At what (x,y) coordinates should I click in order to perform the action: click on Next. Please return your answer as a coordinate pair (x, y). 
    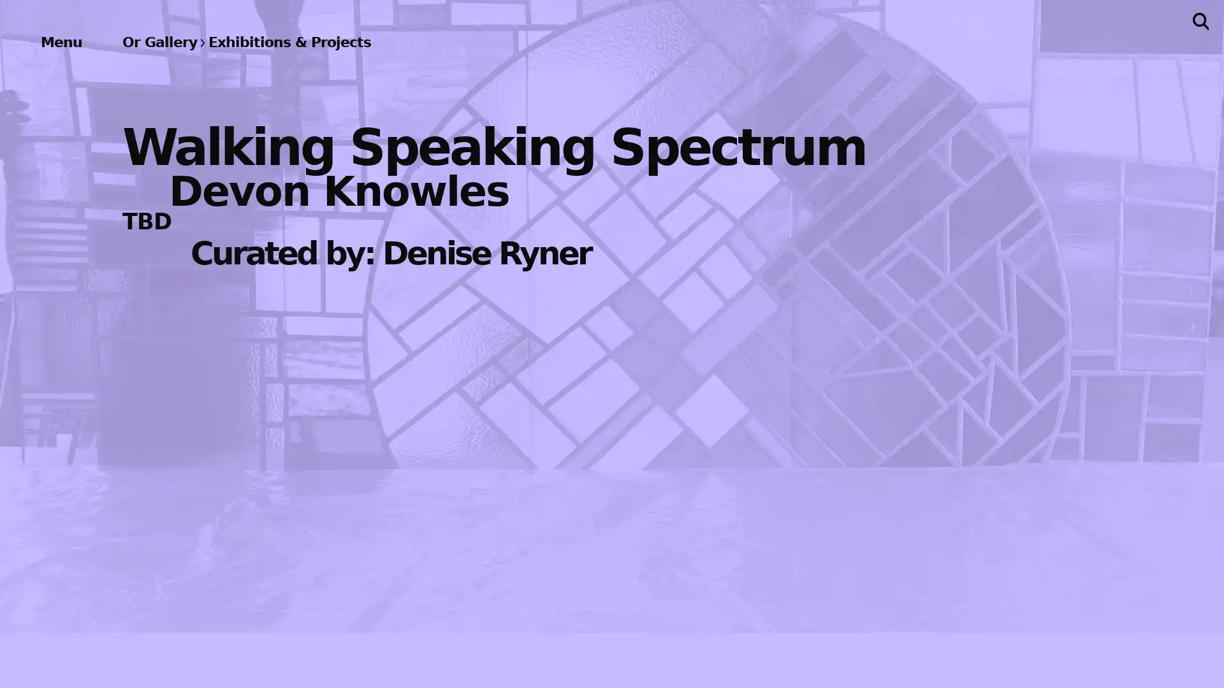
    Looking at the image, I should click on (857, 343).